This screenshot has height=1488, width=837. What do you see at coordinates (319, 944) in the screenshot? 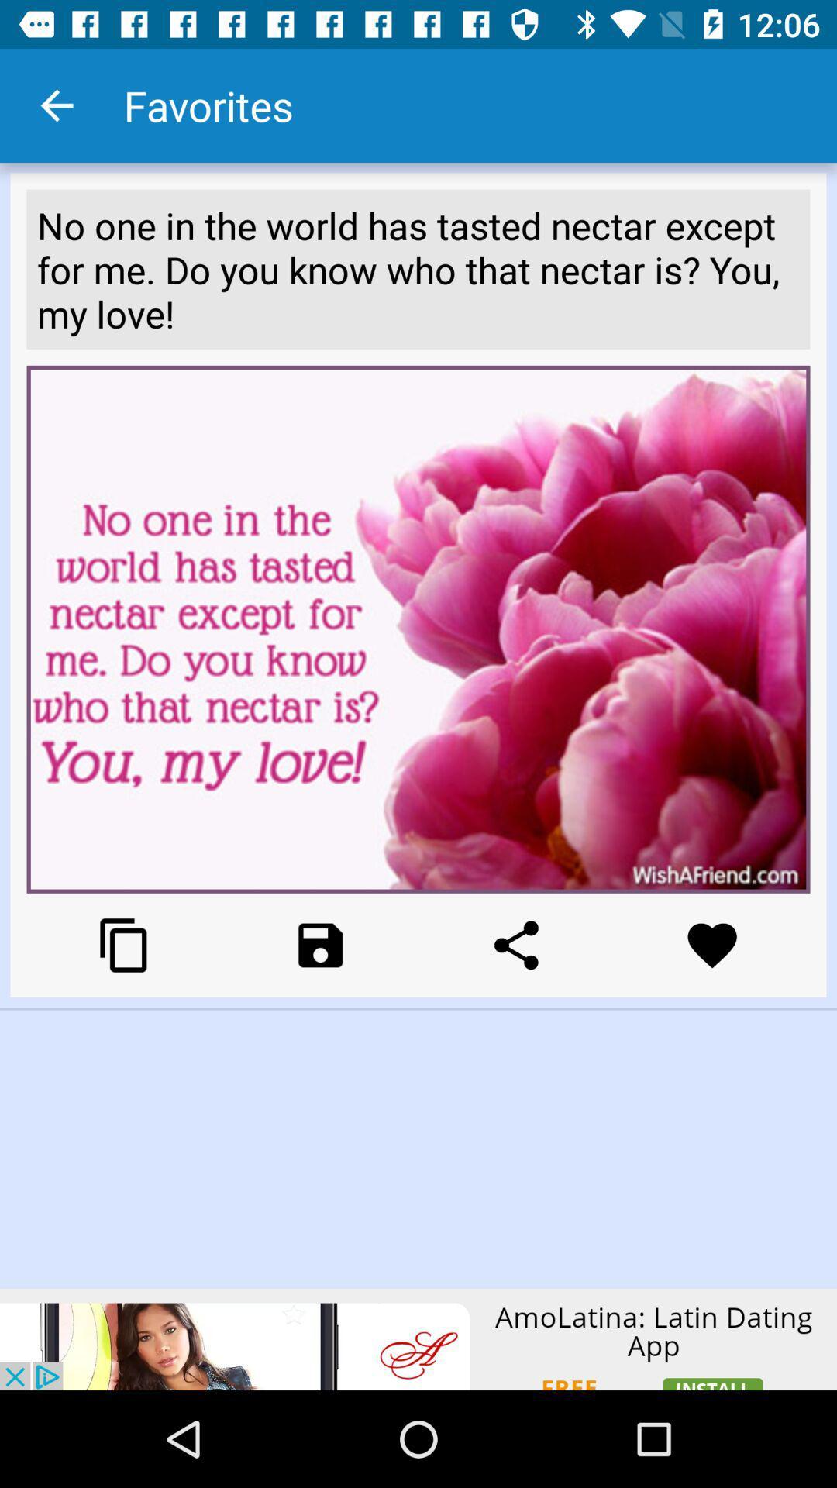
I see `open the box` at bounding box center [319, 944].